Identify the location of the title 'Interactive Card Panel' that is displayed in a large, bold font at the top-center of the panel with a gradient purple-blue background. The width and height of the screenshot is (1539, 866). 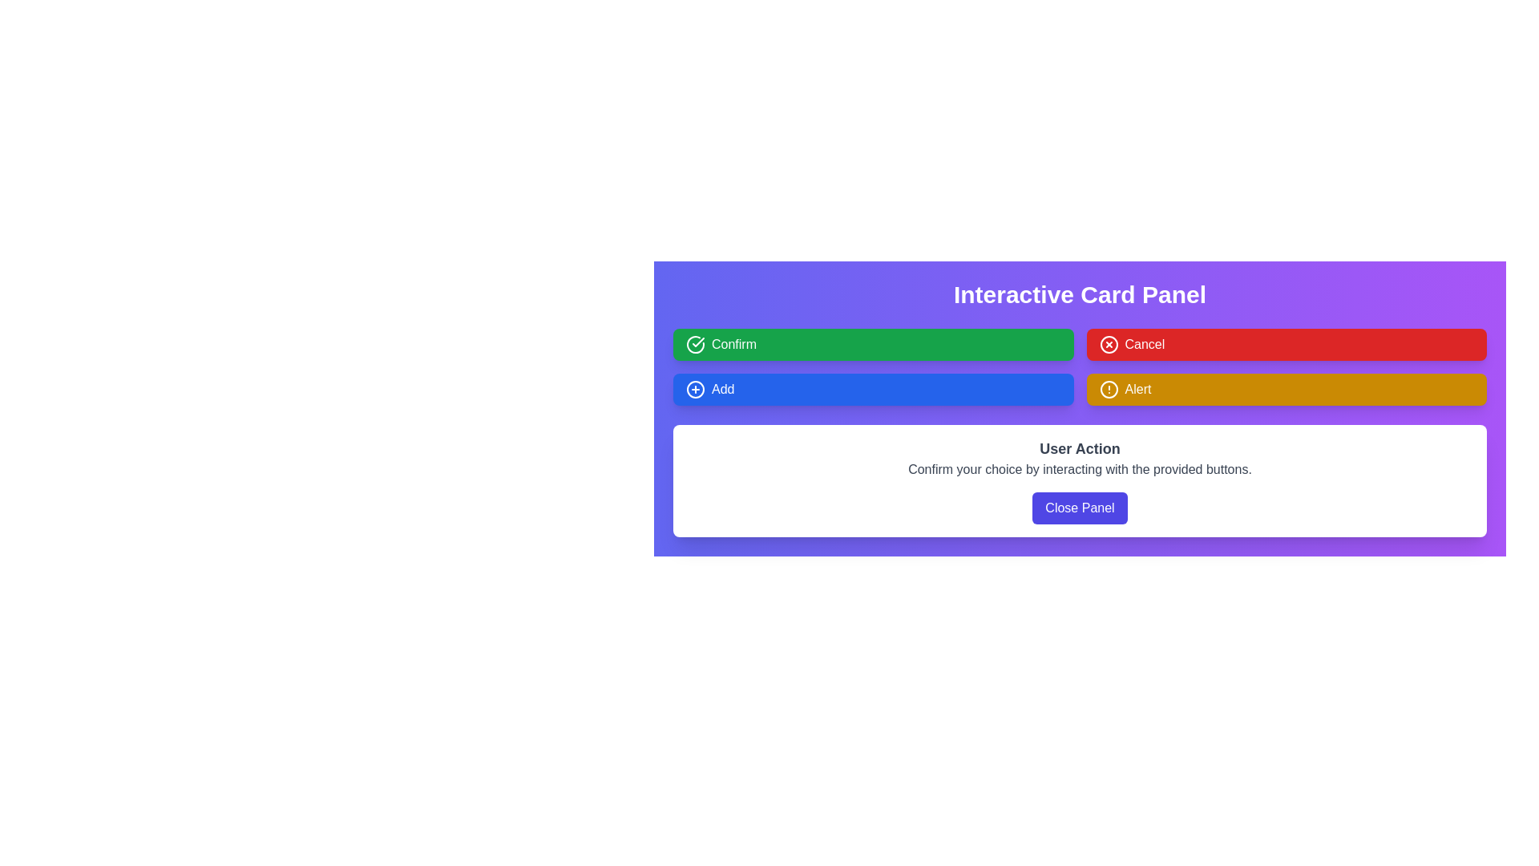
(1080, 294).